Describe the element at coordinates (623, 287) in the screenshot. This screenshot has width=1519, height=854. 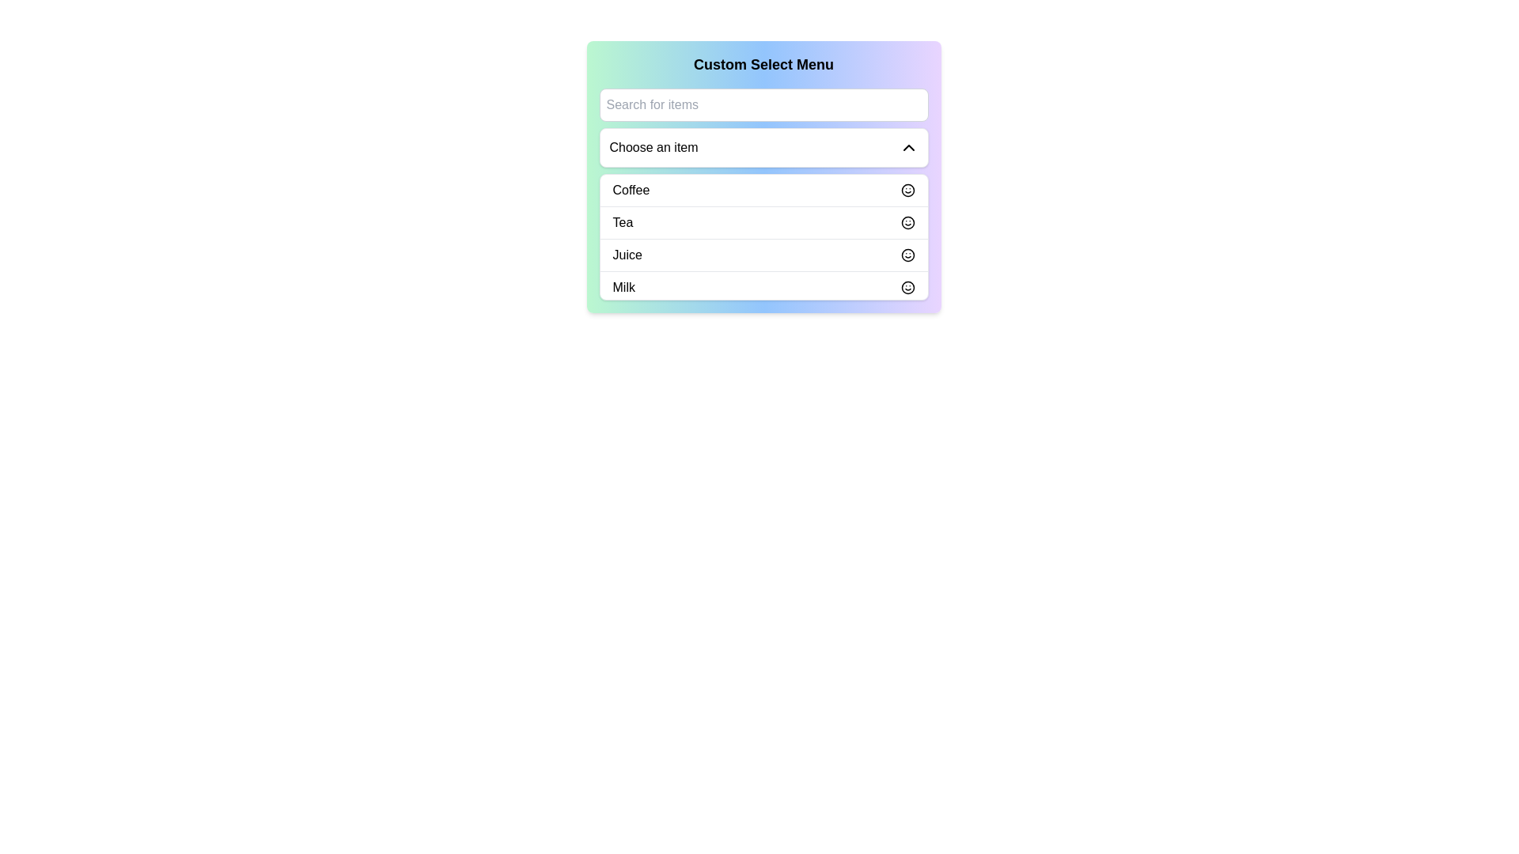
I see `the 'Milk' text label in the fourth row of the dropdown list under the header 'Custom Select Menu'` at that location.